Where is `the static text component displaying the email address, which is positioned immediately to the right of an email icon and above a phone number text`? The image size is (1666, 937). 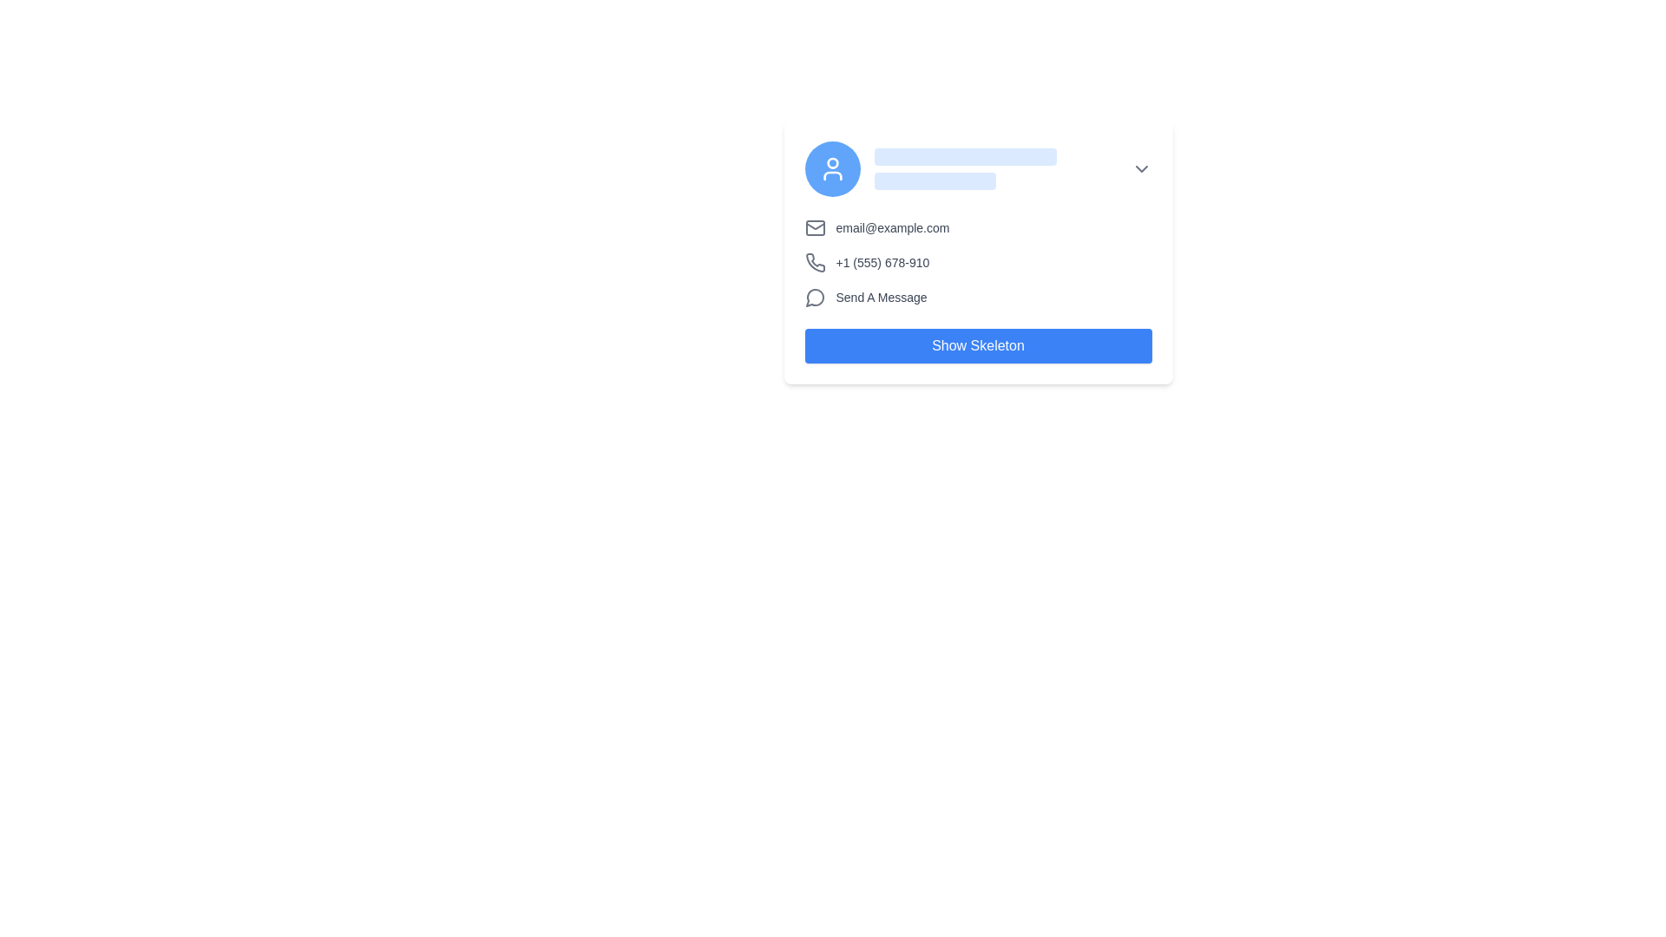
the static text component displaying the email address, which is positioned immediately to the right of an email icon and above a phone number text is located at coordinates (892, 226).